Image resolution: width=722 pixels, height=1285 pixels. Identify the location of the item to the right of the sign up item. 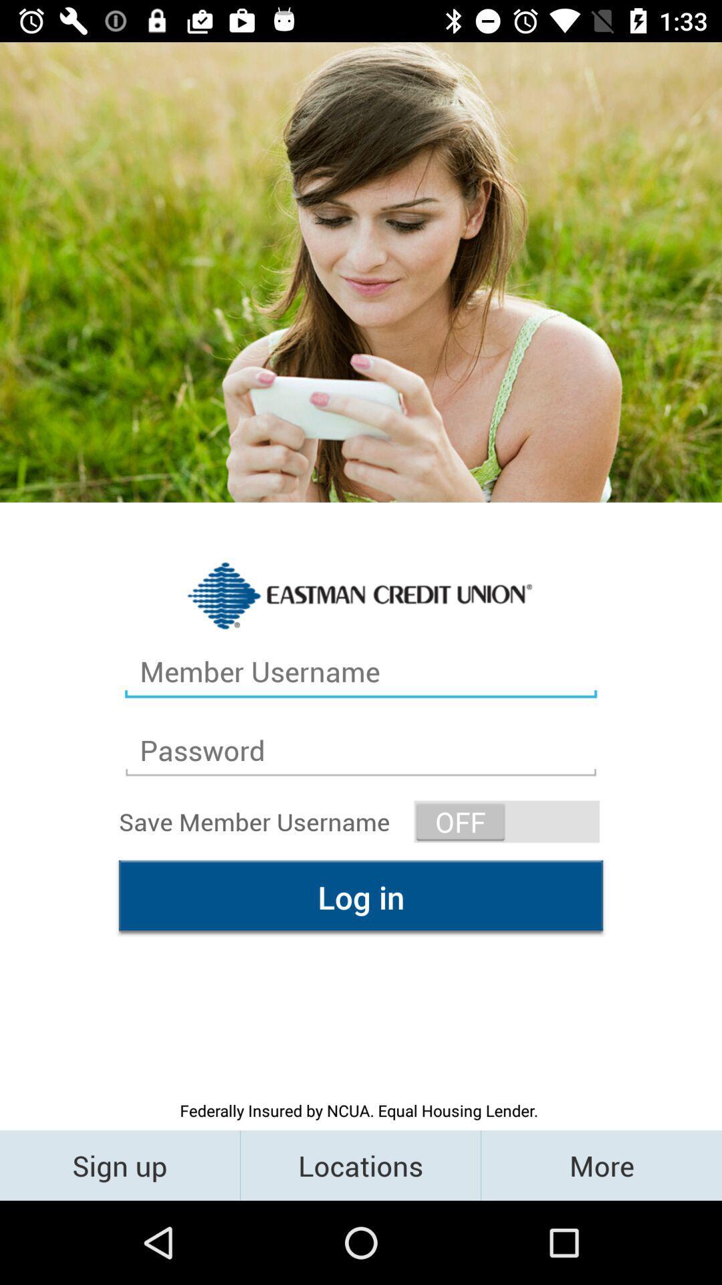
(360, 1165).